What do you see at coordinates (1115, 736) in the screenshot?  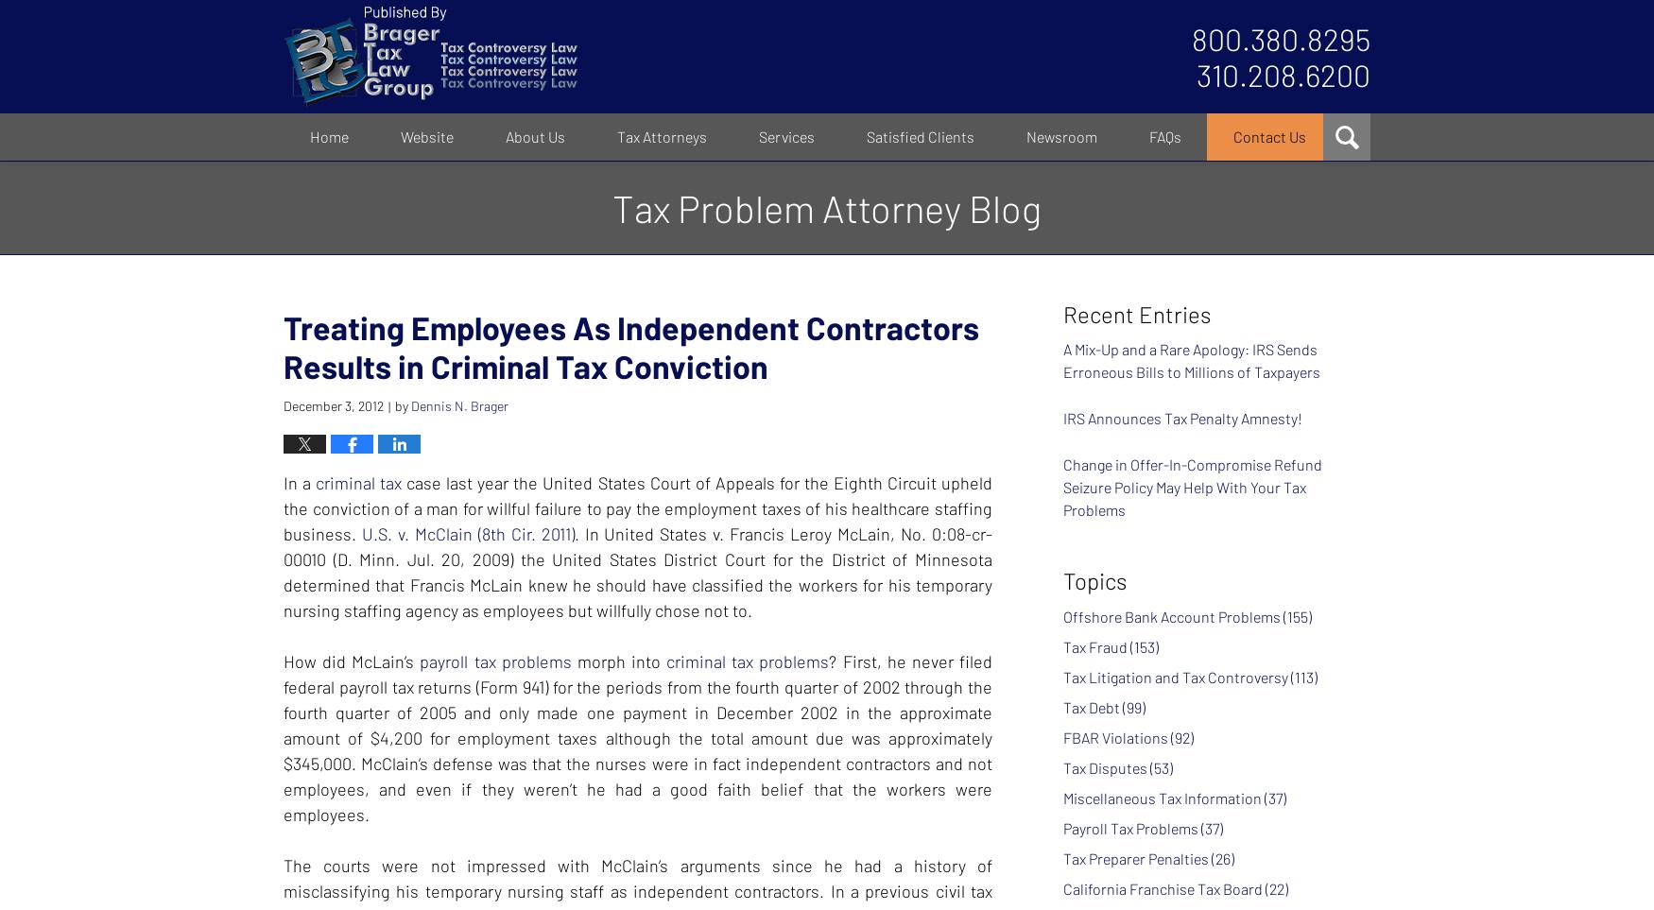 I see `'FBAR Violations'` at bounding box center [1115, 736].